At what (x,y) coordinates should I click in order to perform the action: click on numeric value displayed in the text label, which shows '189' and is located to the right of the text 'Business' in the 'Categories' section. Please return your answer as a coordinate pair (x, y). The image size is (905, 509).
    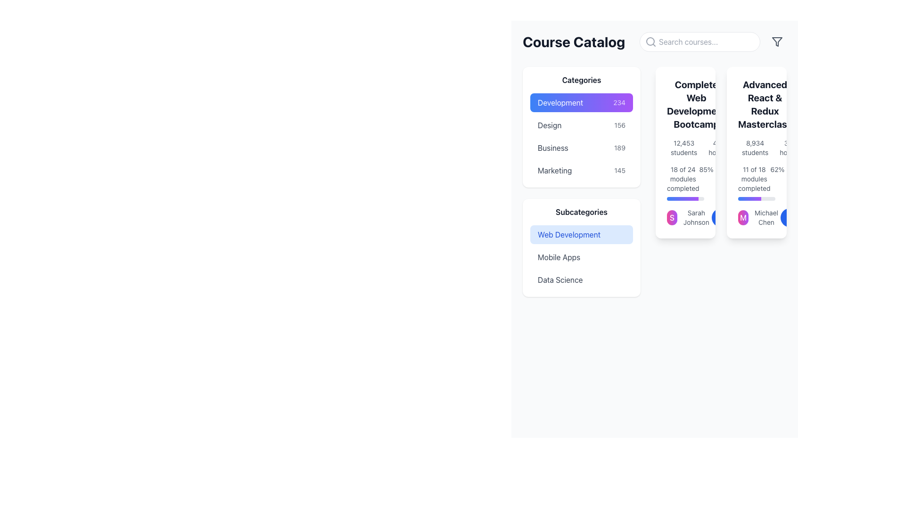
    Looking at the image, I should click on (620, 148).